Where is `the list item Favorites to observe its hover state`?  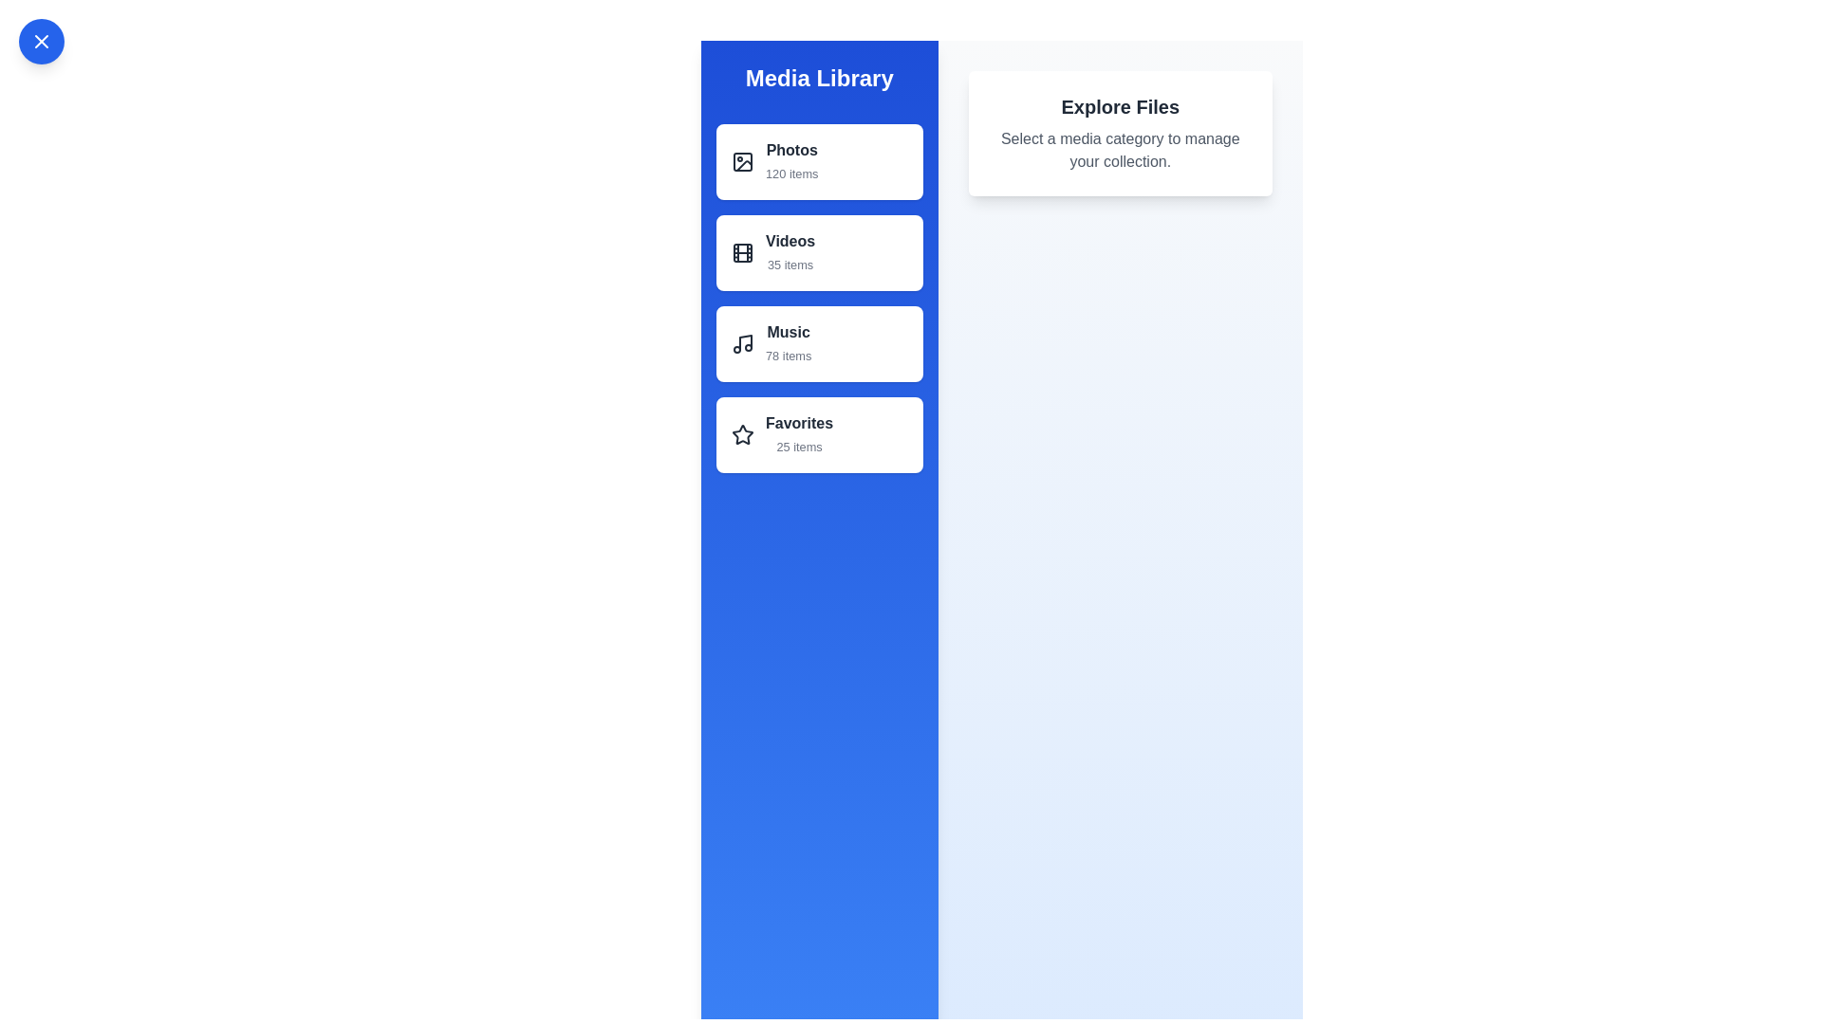 the list item Favorites to observe its hover state is located at coordinates (819, 435).